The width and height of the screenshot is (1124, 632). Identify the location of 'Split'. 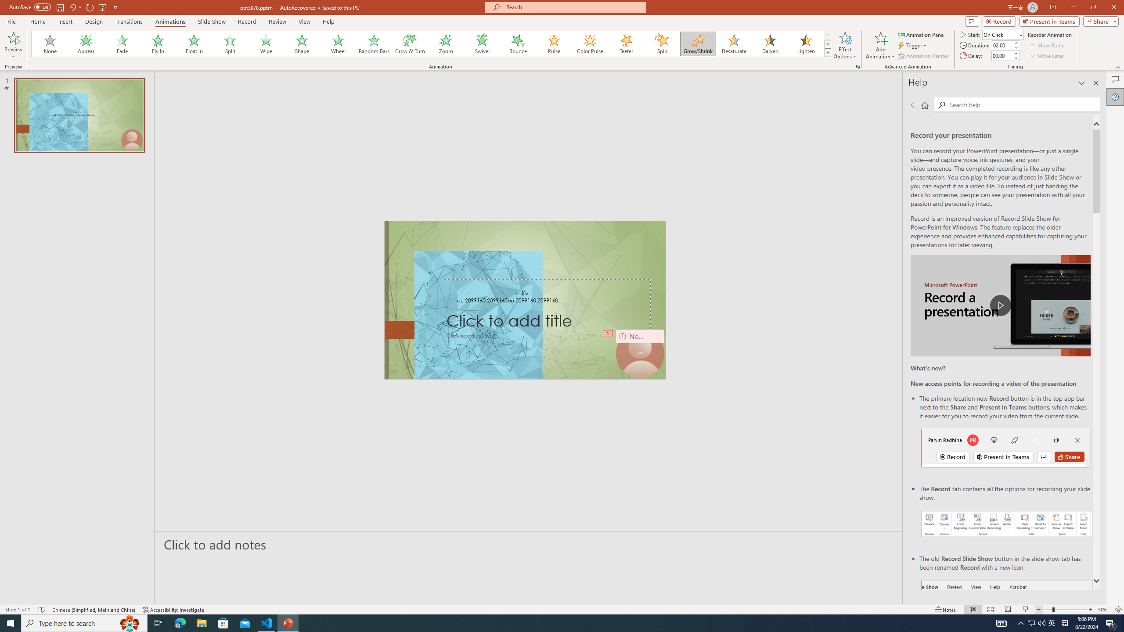
(230, 43).